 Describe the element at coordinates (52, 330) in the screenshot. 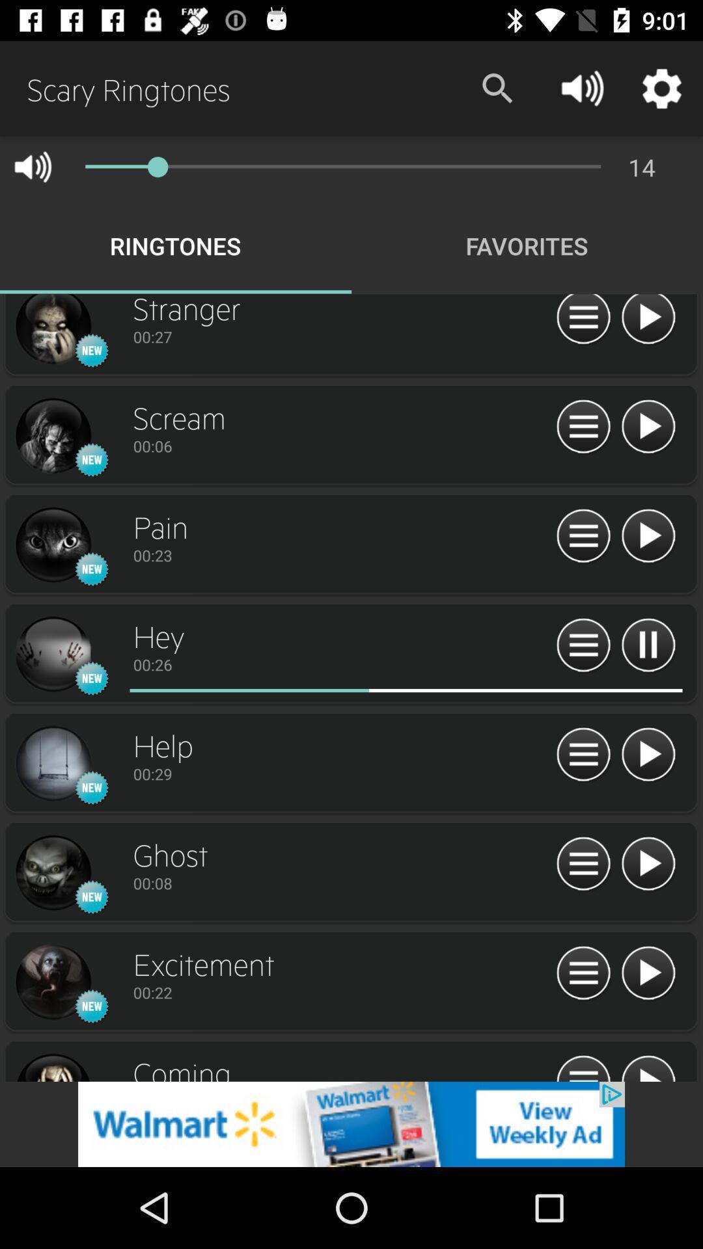

I see `open album` at that location.